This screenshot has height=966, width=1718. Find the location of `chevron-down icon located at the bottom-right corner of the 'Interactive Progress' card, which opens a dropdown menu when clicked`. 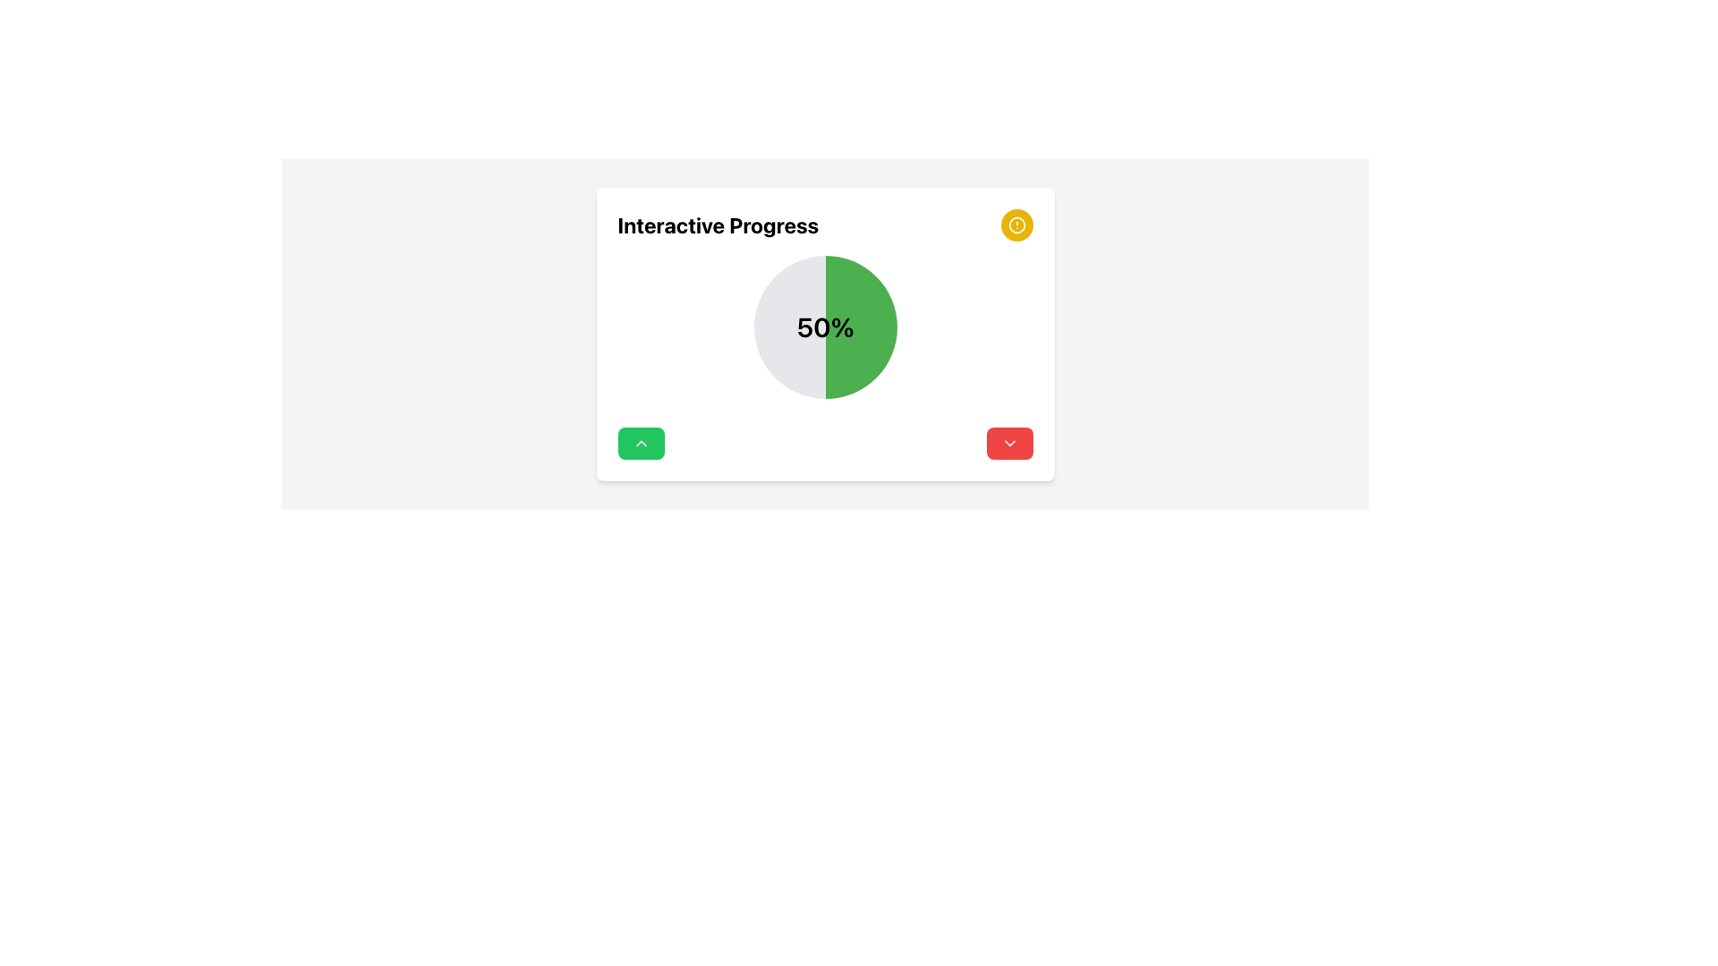

chevron-down icon located at the bottom-right corner of the 'Interactive Progress' card, which opens a dropdown menu when clicked is located at coordinates (1009, 443).